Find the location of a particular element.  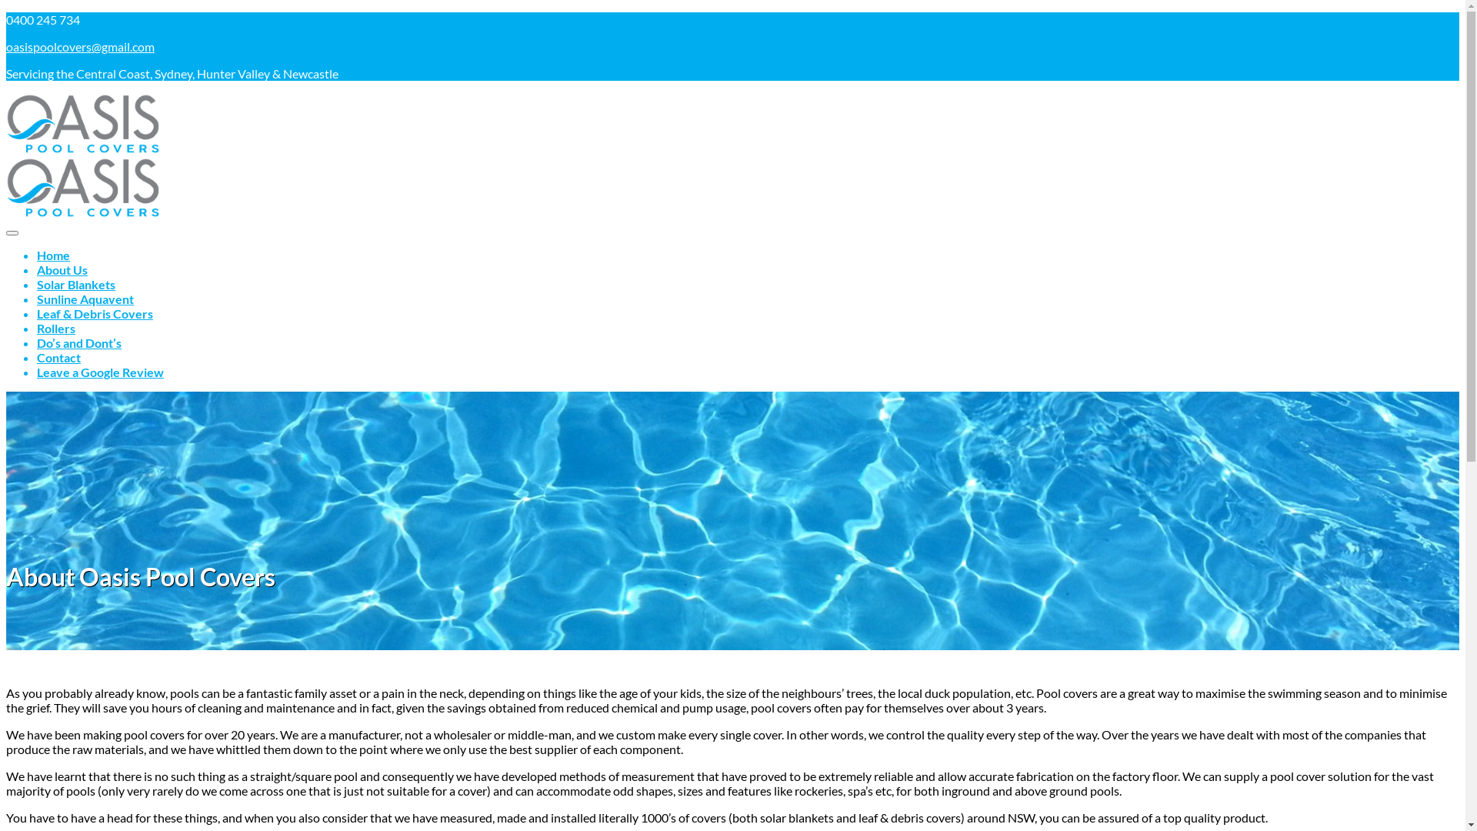

'Leave a Google Review' is located at coordinates (99, 372).